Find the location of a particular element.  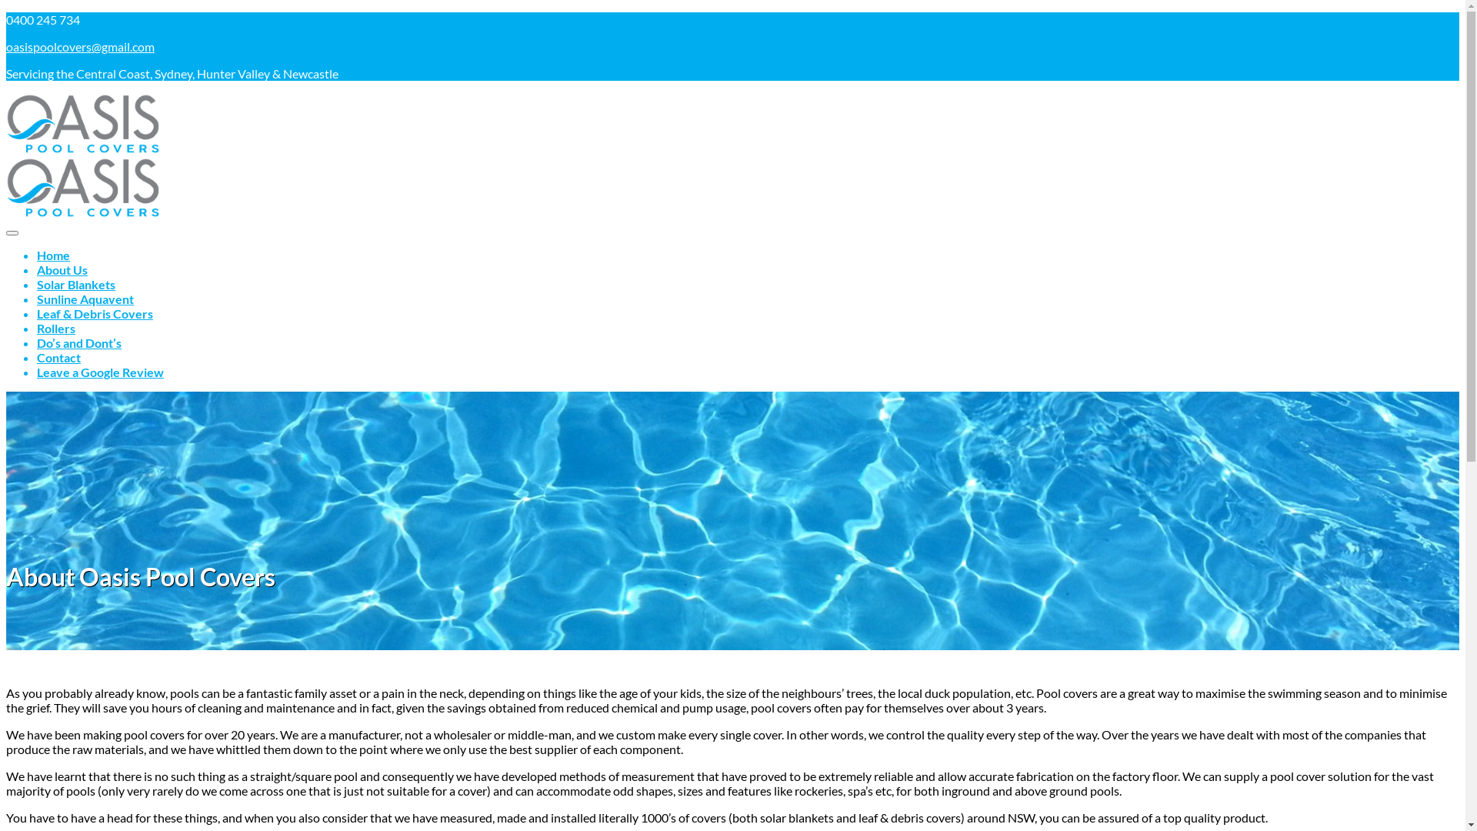

'Leave a Google Review' is located at coordinates (99, 372).